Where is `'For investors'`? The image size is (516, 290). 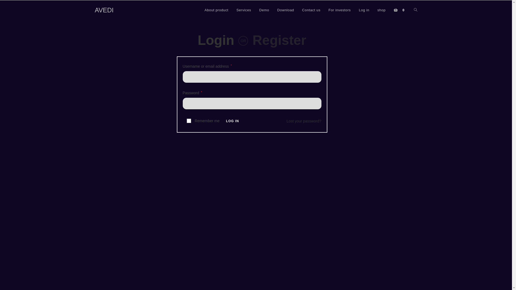 'For investors' is located at coordinates (339, 10).